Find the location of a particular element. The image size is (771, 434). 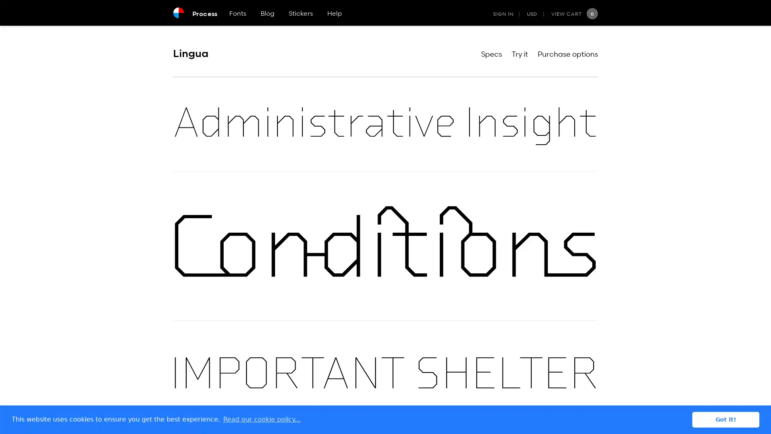

learn more about cookies is located at coordinates (262, 419).